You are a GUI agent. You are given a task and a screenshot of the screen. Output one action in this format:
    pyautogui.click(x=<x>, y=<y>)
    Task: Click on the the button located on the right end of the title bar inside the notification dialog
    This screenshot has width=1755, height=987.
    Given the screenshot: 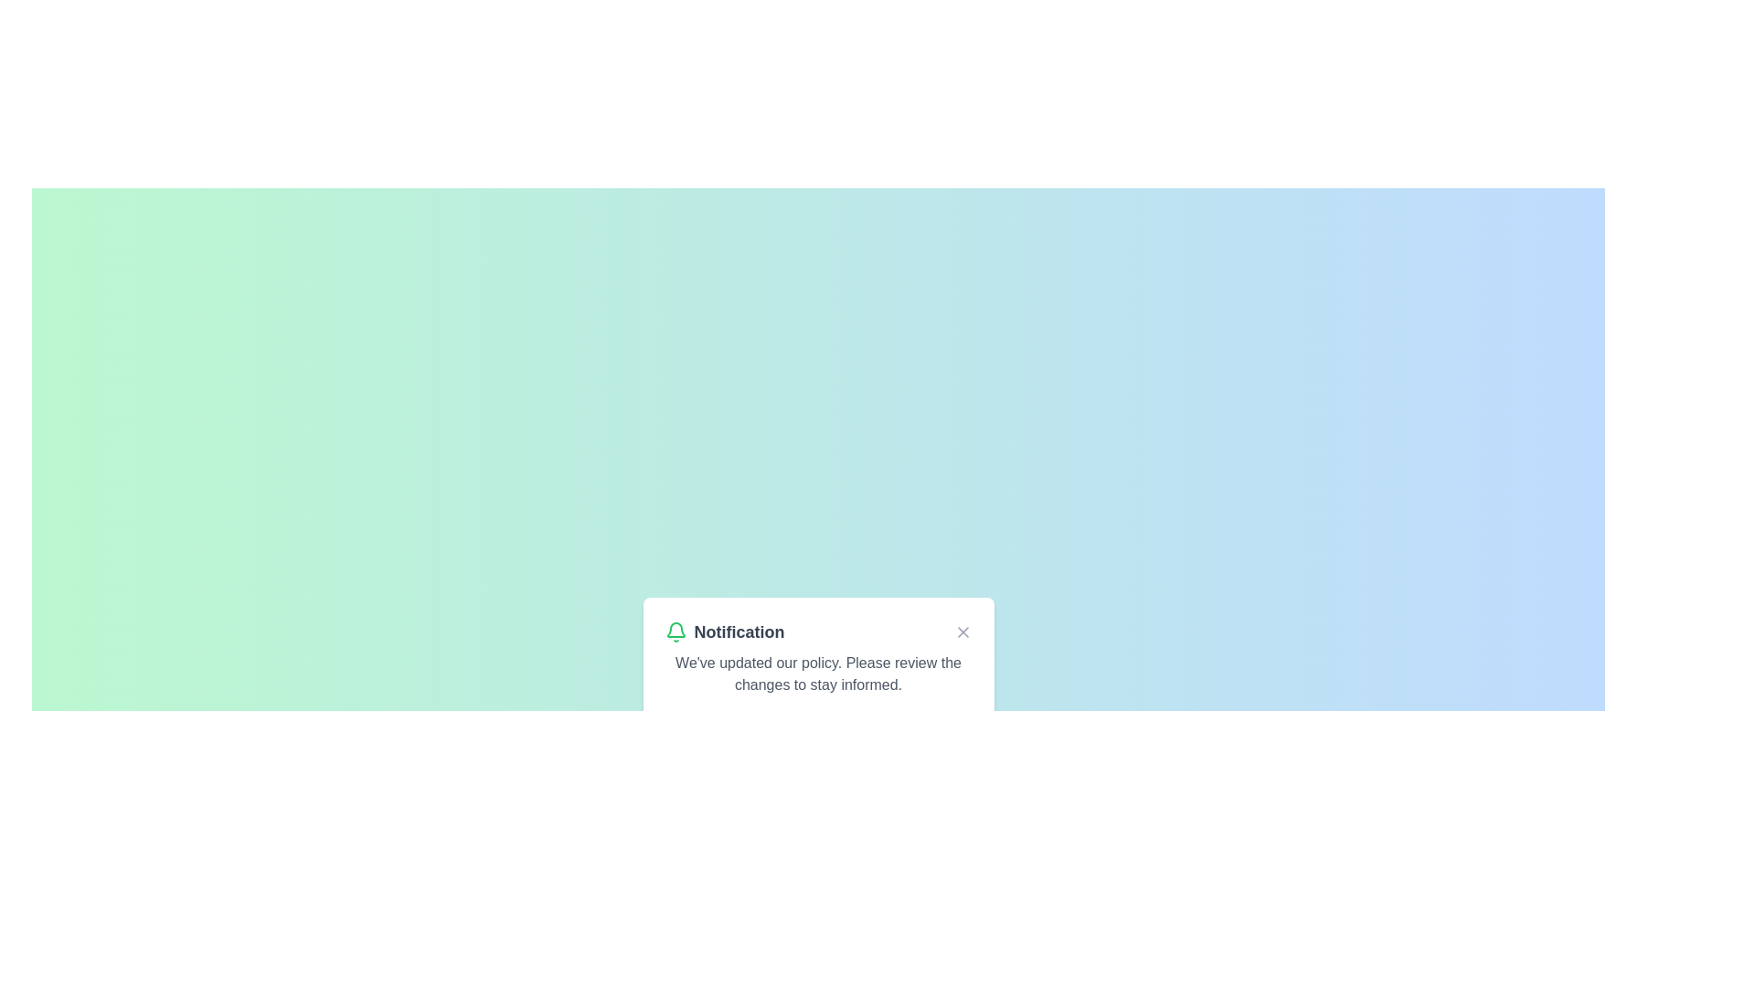 What is the action you would take?
    pyautogui.click(x=962, y=631)
    